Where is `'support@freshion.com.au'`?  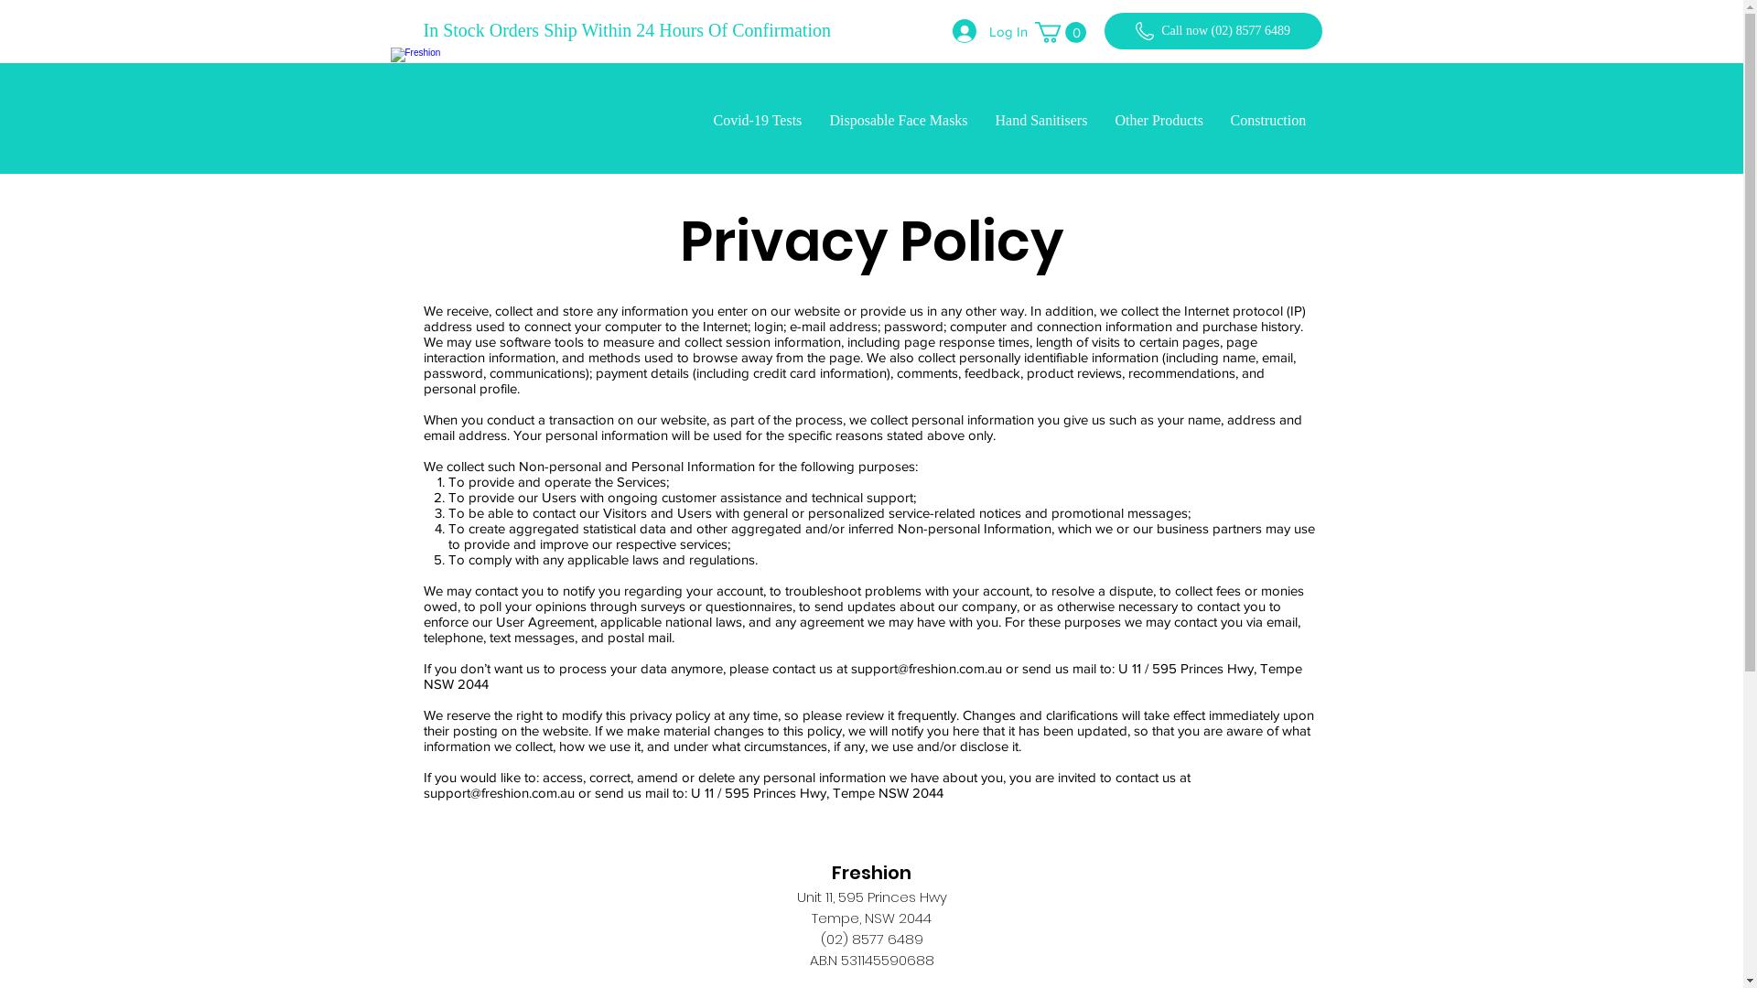 'support@freshion.com.au' is located at coordinates (926, 668).